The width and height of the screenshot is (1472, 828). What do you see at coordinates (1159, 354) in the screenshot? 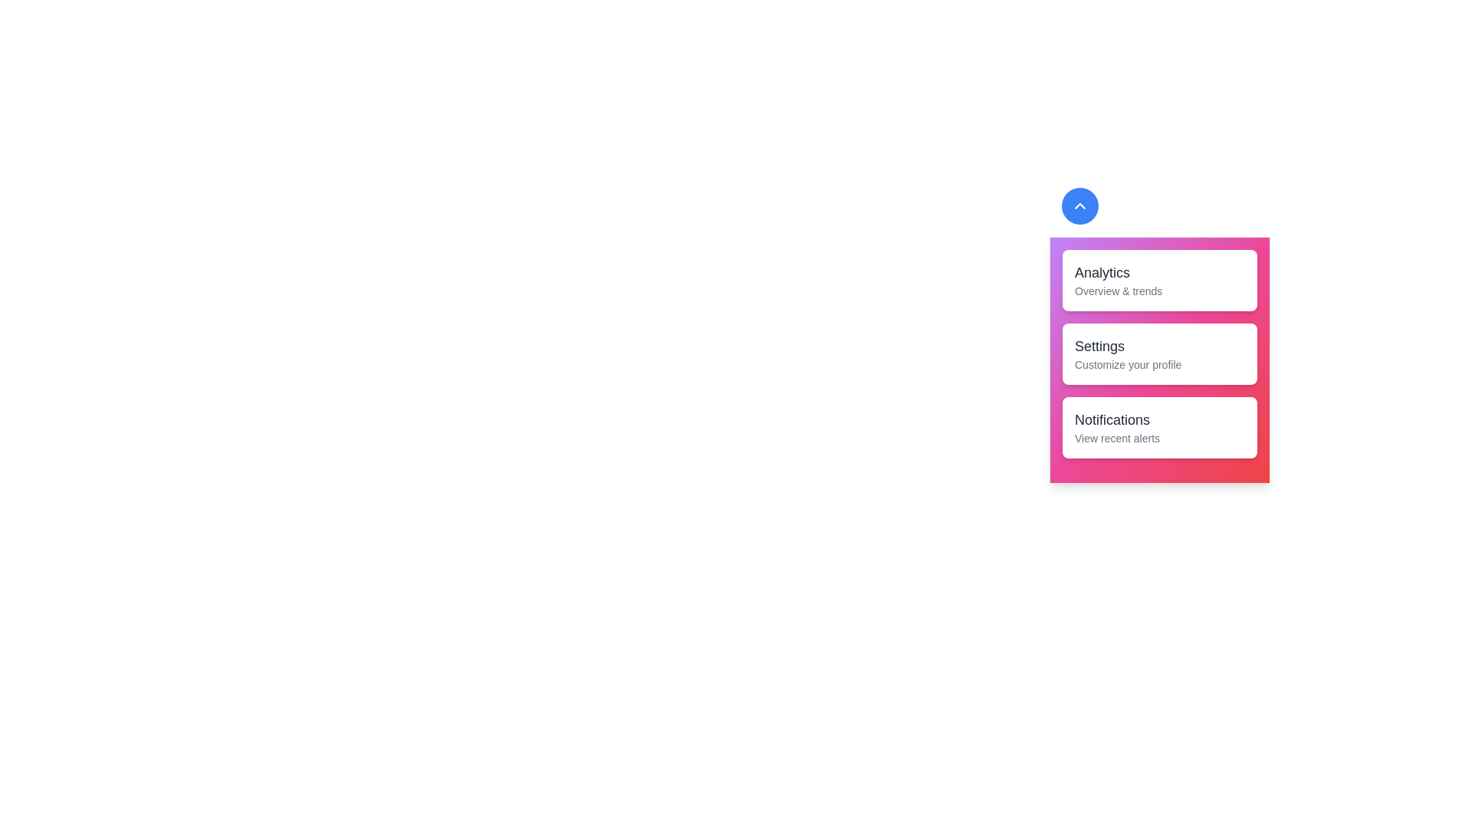
I see `the Settings card in the drawer` at bounding box center [1159, 354].